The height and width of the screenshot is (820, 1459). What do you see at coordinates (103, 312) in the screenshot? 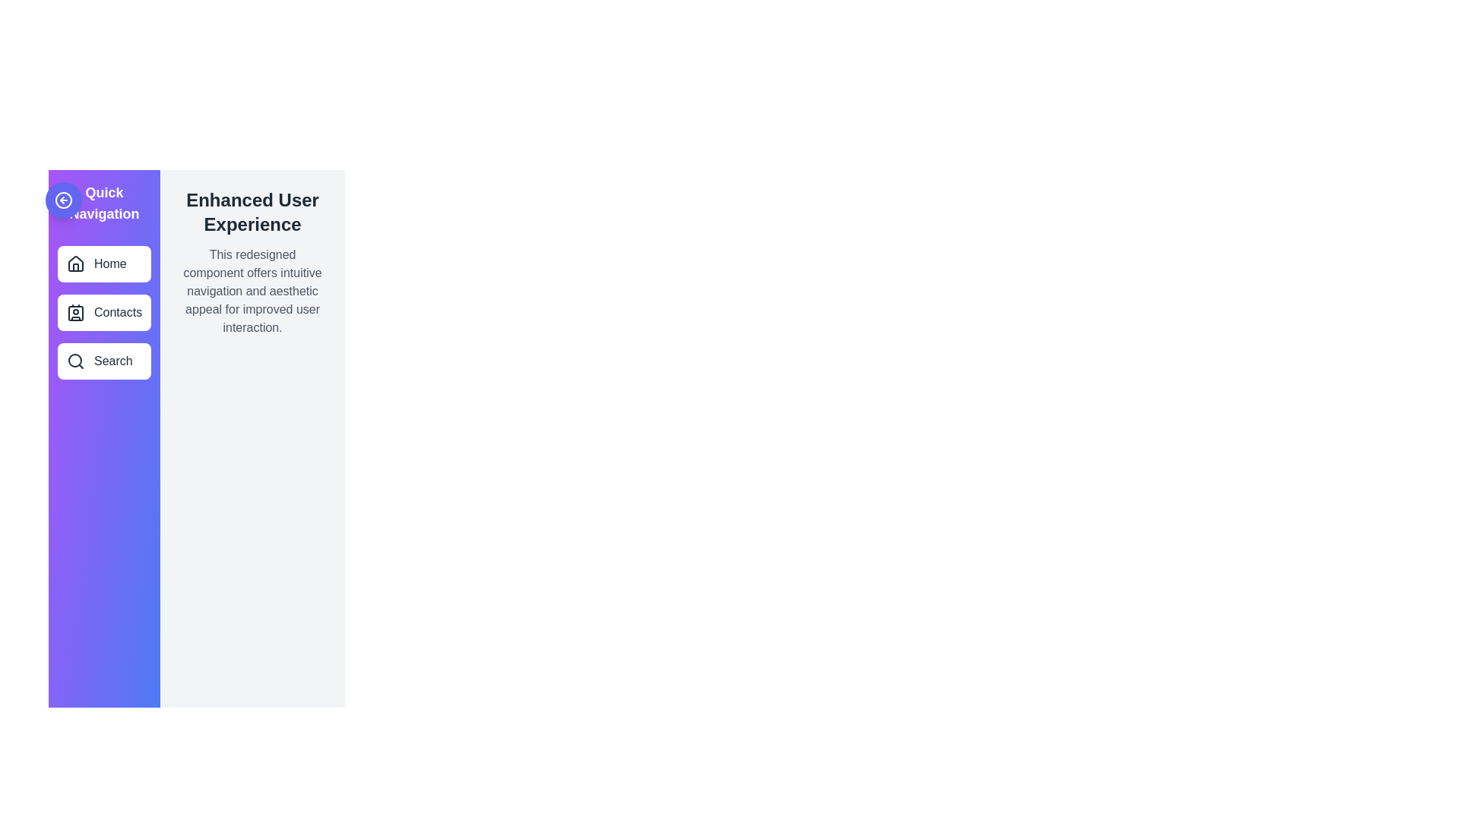
I see `the menu item labeled Contacts` at bounding box center [103, 312].